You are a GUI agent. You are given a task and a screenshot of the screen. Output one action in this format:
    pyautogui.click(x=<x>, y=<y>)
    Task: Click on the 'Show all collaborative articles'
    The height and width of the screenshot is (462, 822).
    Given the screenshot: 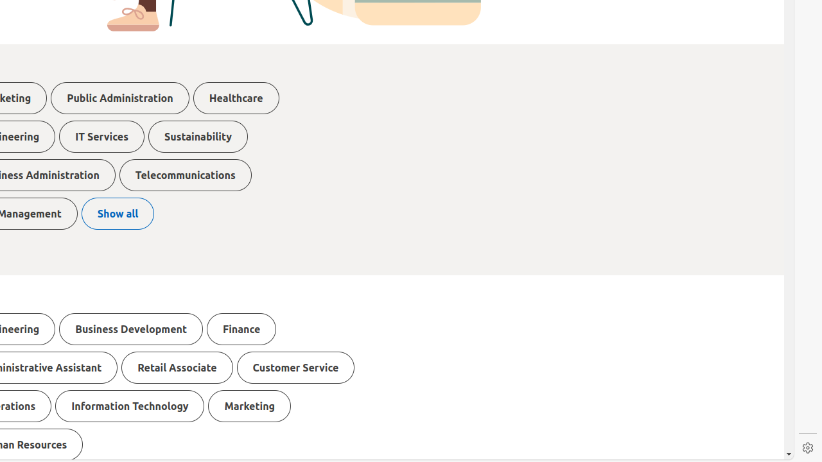 What is the action you would take?
    pyautogui.click(x=118, y=213)
    